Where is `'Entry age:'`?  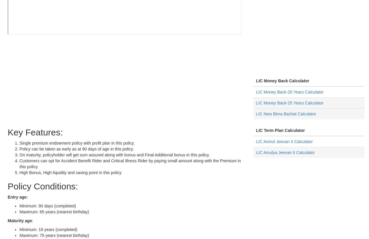 'Entry age:' is located at coordinates (18, 197).